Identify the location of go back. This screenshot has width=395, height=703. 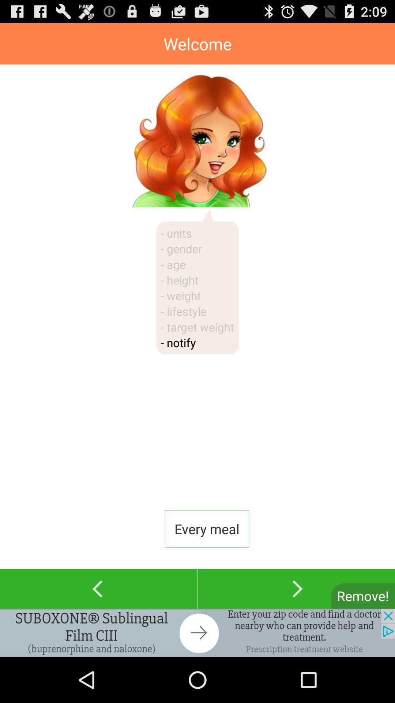
(98, 589).